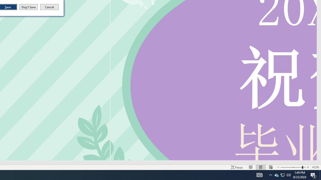 The width and height of the screenshot is (321, 180). Describe the element at coordinates (320, 174) in the screenshot. I see `'Show desktop'` at that location.